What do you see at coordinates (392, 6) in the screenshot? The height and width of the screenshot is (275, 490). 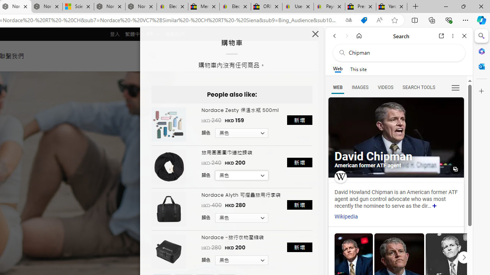 I see `'Yard, Garden & Outdoor Living'` at bounding box center [392, 6].